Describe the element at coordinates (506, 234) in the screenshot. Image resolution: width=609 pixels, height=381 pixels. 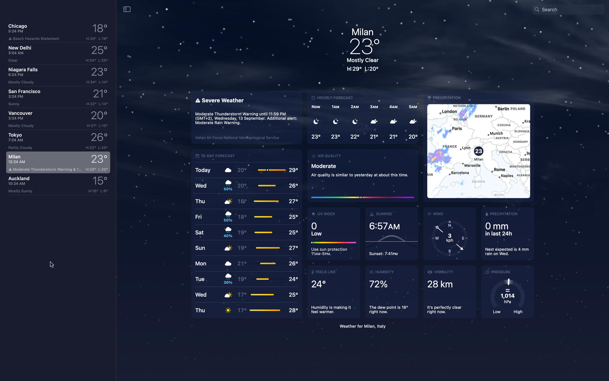
I see `rainfall conditions` at that location.